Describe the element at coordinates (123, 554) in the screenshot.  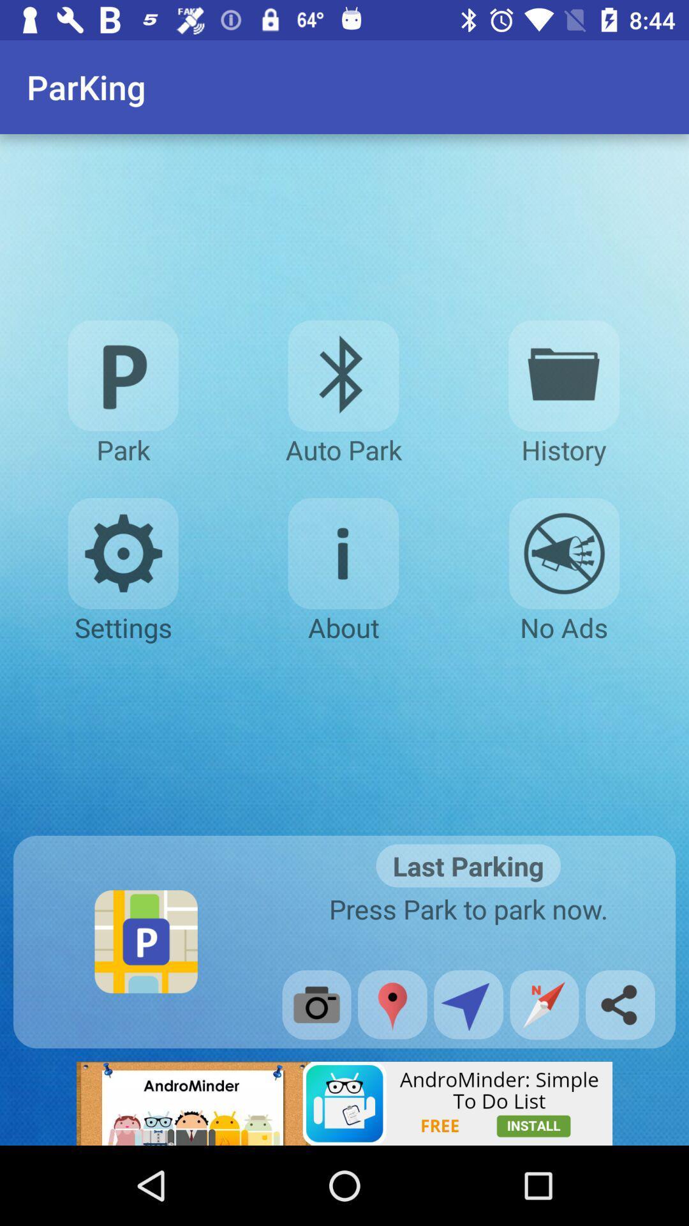
I see `settings` at that location.